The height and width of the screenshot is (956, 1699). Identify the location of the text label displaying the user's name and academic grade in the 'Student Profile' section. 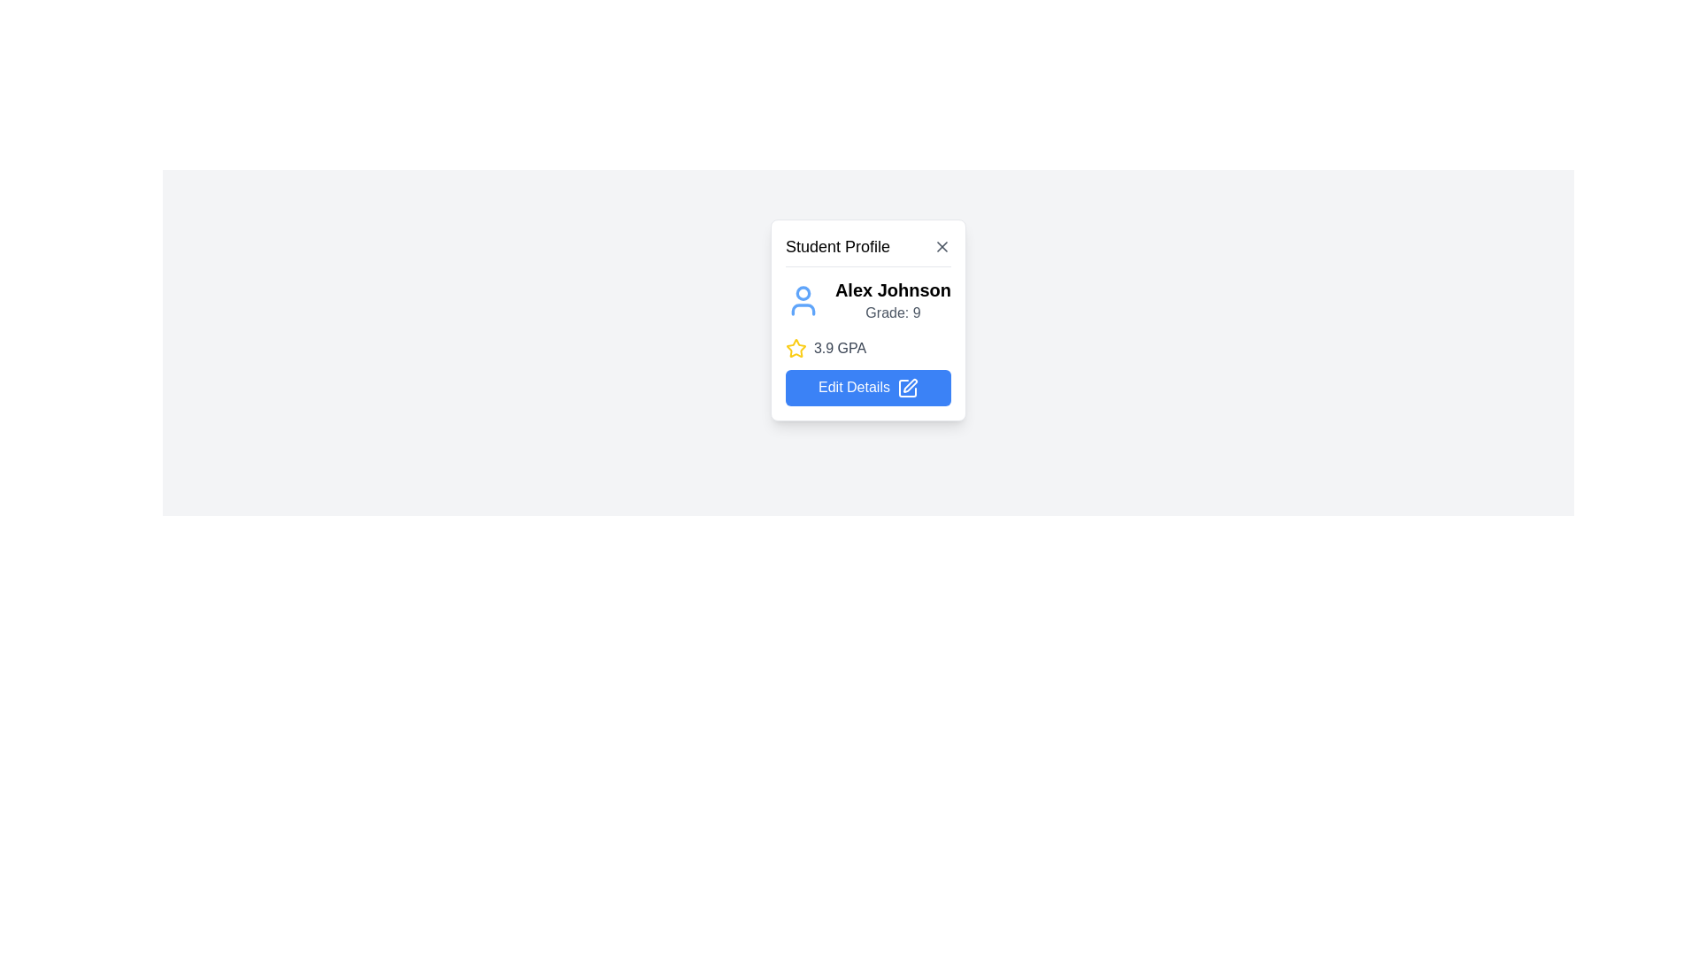
(868, 299).